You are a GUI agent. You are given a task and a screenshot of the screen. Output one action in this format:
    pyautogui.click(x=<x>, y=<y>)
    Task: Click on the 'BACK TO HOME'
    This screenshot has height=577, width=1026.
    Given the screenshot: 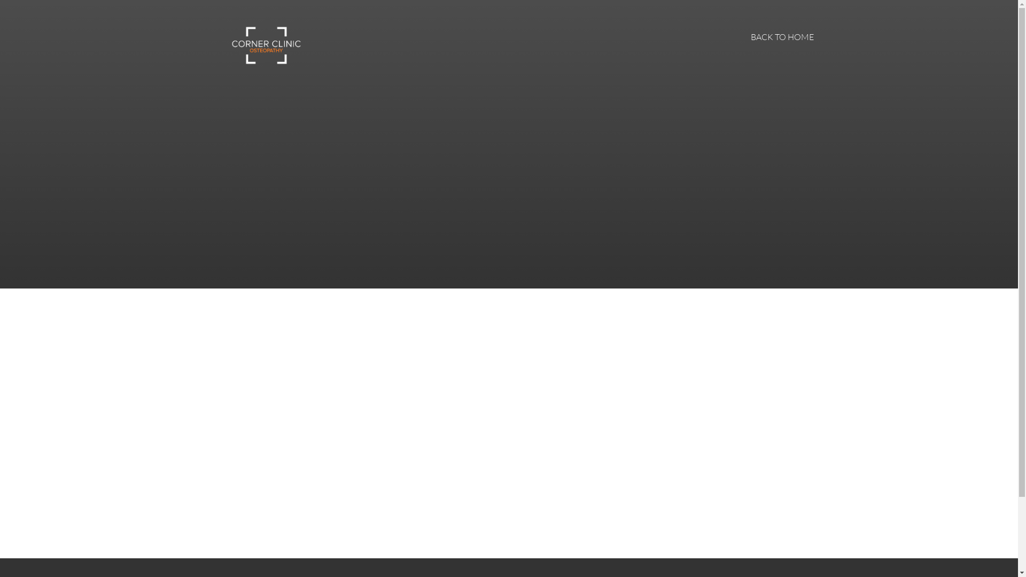 What is the action you would take?
    pyautogui.click(x=782, y=36)
    